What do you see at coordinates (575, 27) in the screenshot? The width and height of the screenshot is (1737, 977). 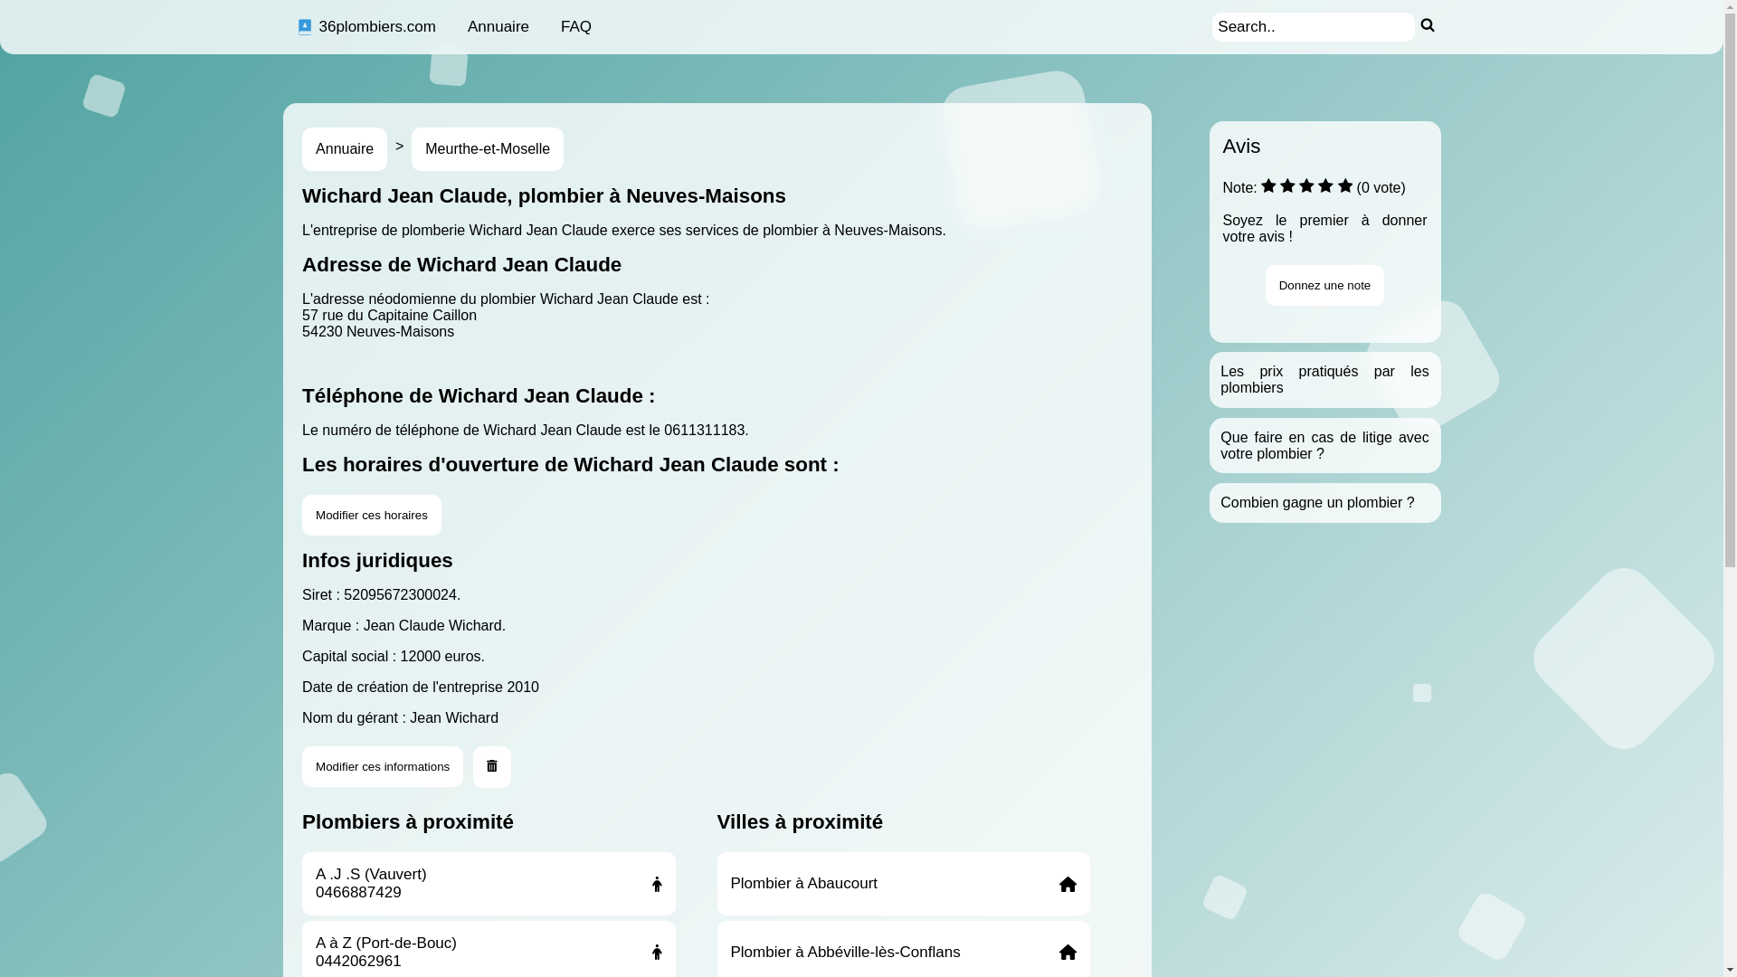 I see `'FAQ'` at bounding box center [575, 27].